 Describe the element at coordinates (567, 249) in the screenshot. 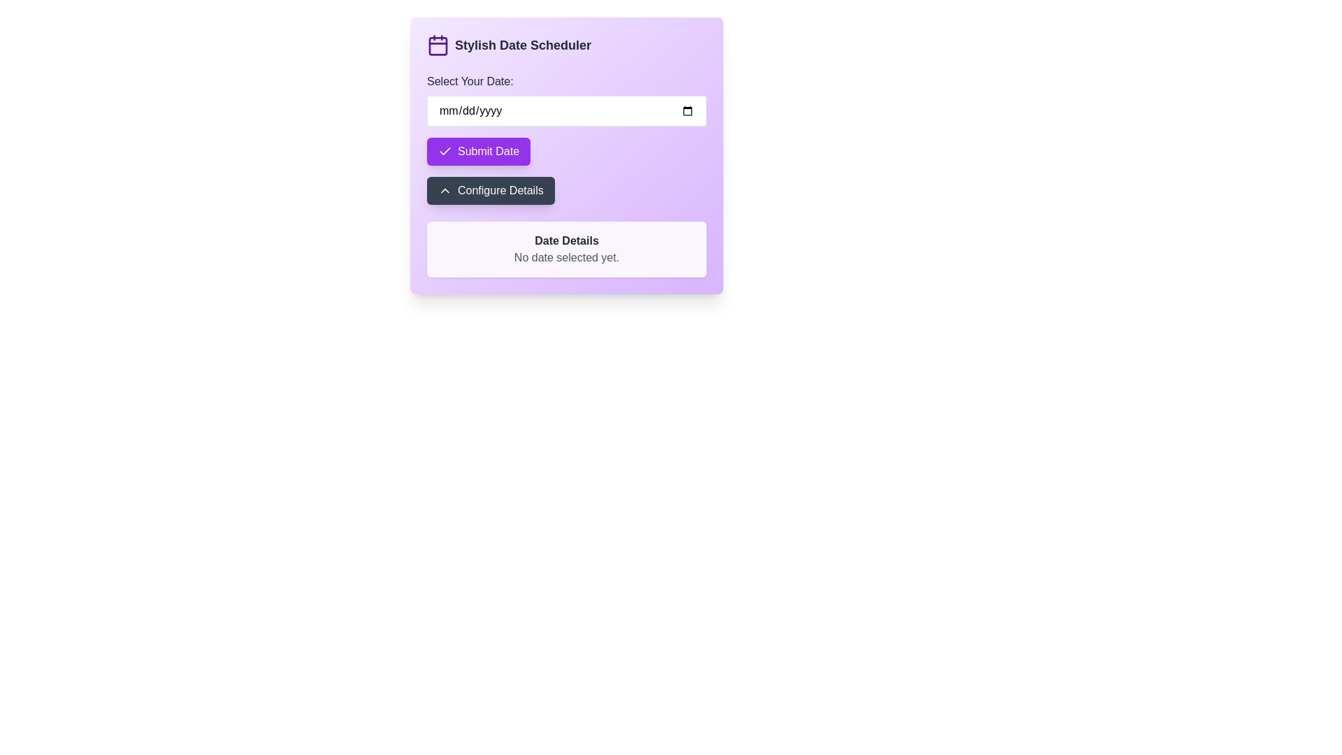

I see `the Information display box with a light purple background that contains the bold label 'Date Details' and the text 'No date selected yet.'` at that location.